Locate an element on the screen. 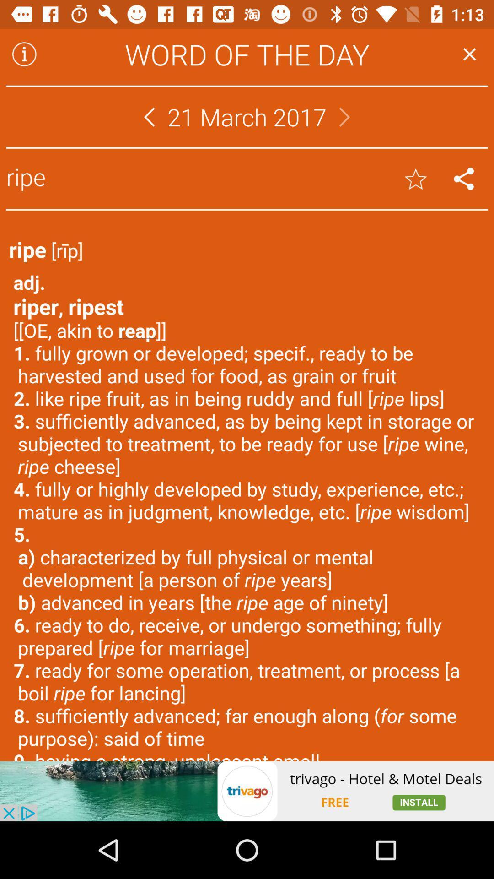  next button is located at coordinates (344, 116).